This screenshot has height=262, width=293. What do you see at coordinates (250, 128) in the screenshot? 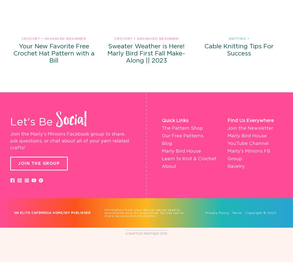
I see `'Join the Newsletter'` at bounding box center [250, 128].